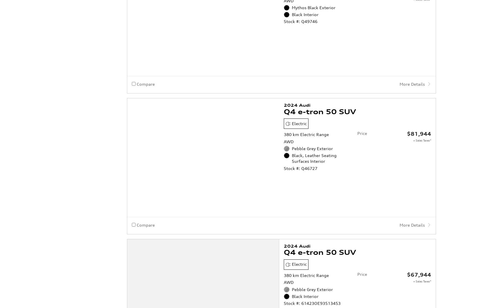 This screenshot has height=308, width=486. Describe the element at coordinates (419, 251) in the screenshot. I see `'$67,944'` at that location.